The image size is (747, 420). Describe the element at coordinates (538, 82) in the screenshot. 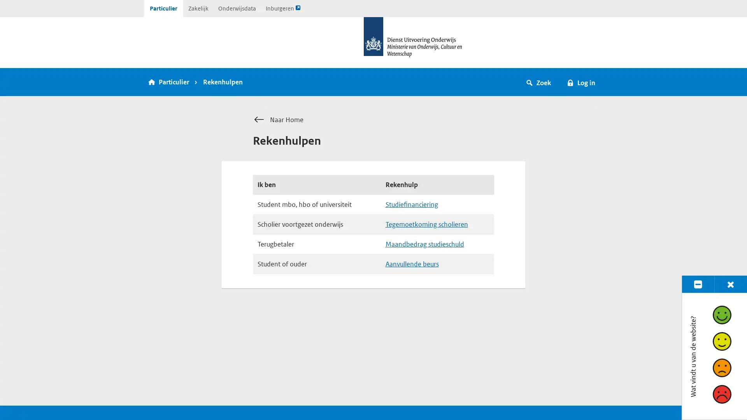

I see `Zoek` at that location.